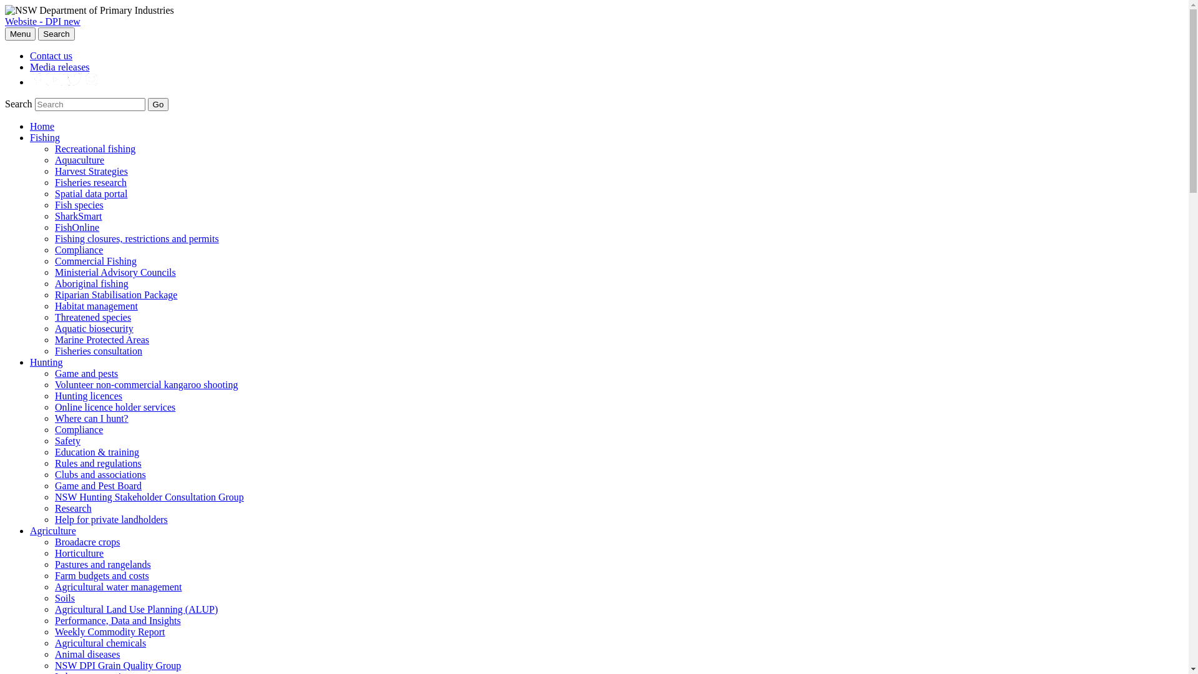 Image resolution: width=1198 pixels, height=674 pixels. What do you see at coordinates (137, 238) in the screenshot?
I see `'Fishing closures, restrictions and permits'` at bounding box center [137, 238].